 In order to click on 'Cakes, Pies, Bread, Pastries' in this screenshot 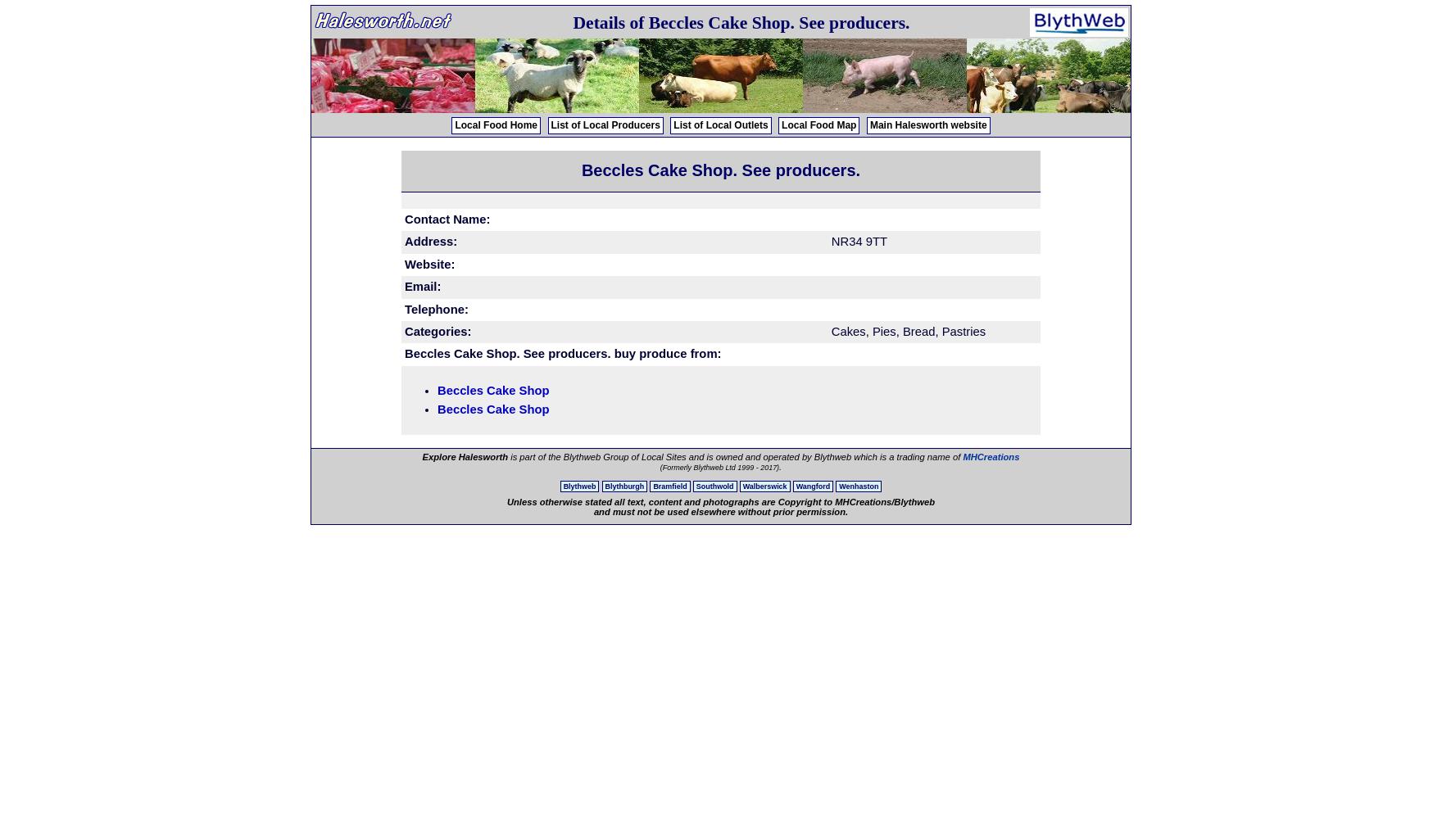, I will do `click(907, 331)`.